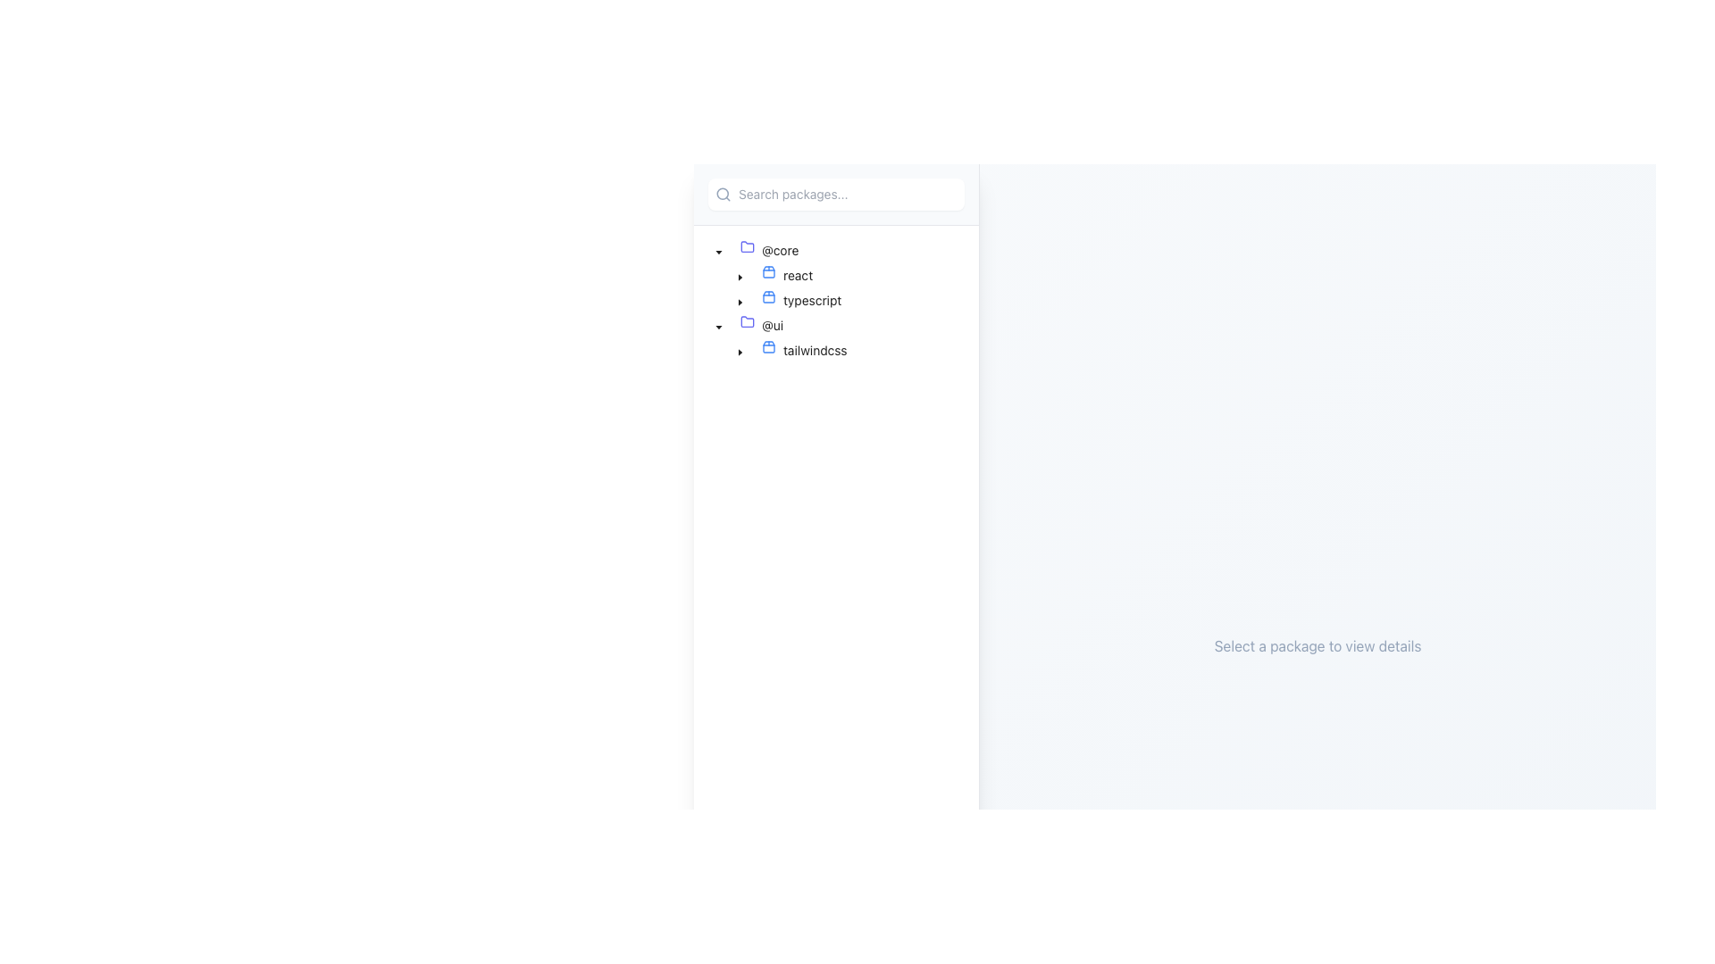  Describe the element at coordinates (719, 351) in the screenshot. I see `the Indent marker in the treeview hierarchy under the '@ui' section, which precedes the 'tailwindcss' node` at that location.